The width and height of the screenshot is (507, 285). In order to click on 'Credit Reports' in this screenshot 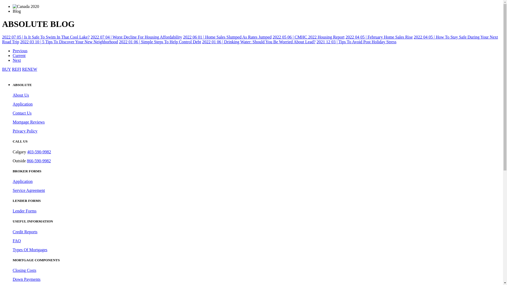, I will do `click(25, 231)`.